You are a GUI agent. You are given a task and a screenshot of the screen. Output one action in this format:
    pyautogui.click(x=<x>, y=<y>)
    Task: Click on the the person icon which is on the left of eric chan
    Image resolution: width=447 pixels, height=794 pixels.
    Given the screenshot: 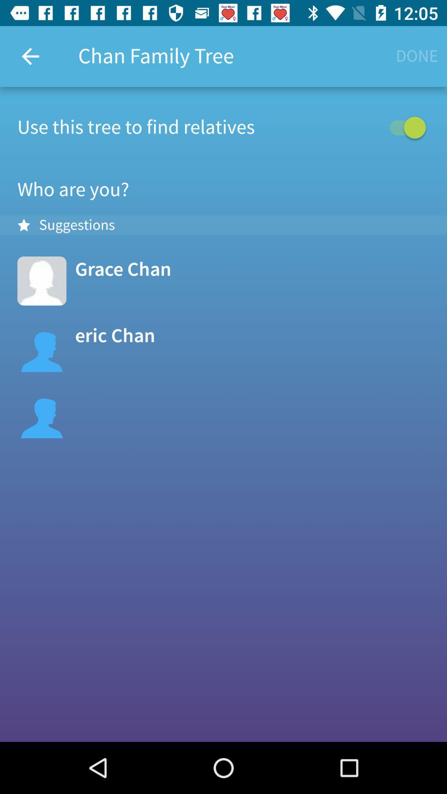 What is the action you would take?
    pyautogui.click(x=42, y=347)
    